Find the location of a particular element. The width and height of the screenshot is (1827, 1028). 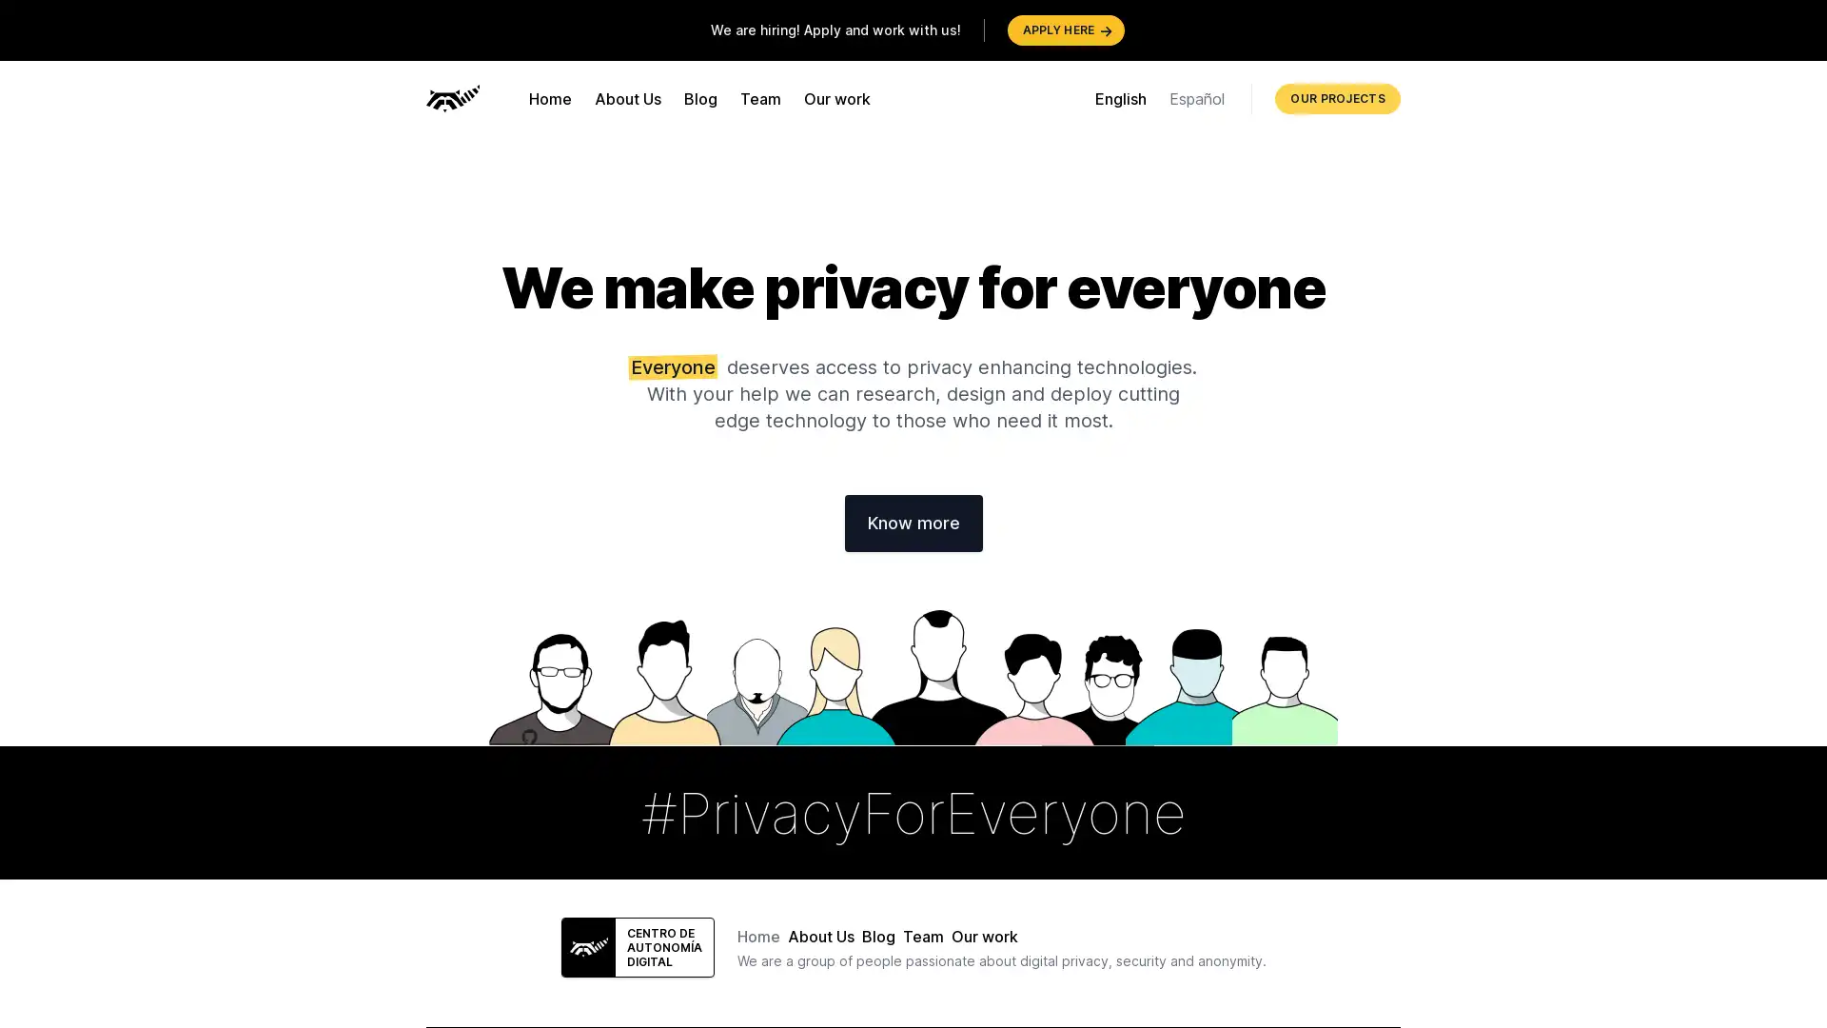

Know more is located at coordinates (912, 524).